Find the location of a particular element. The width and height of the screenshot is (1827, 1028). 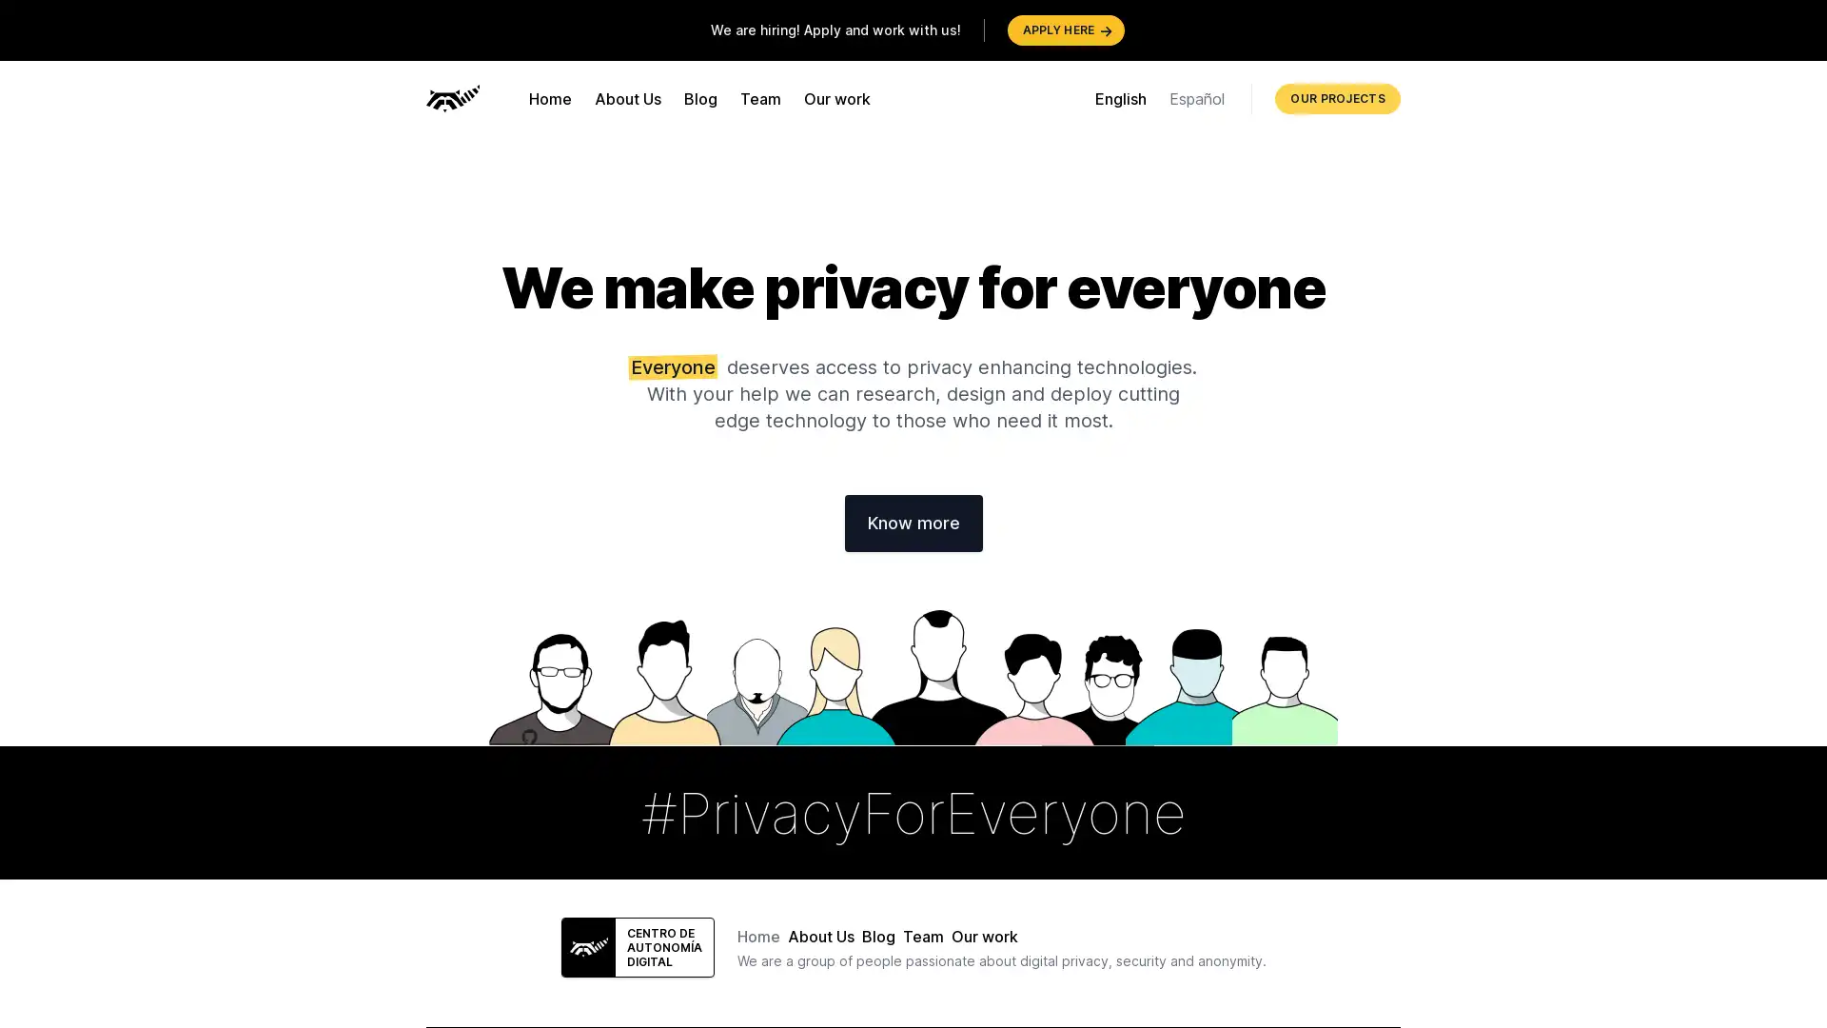

Know more is located at coordinates (912, 524).